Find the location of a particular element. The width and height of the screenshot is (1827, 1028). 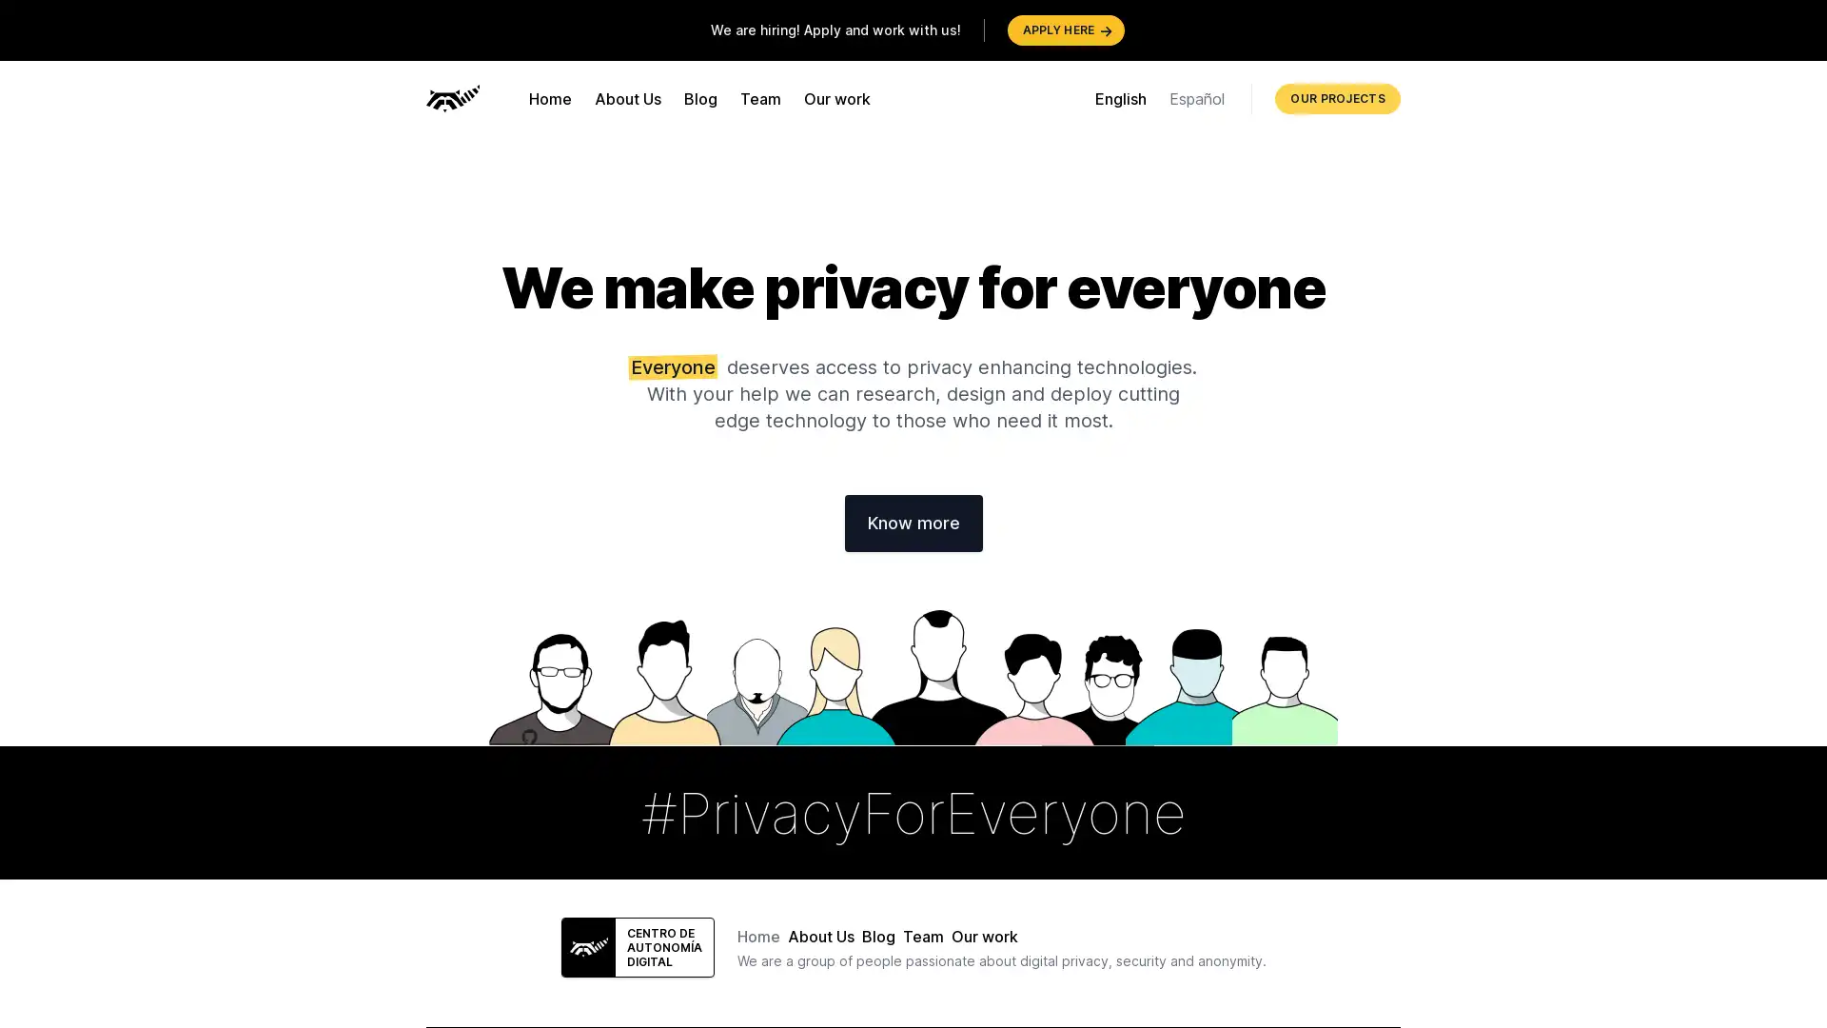

Know more is located at coordinates (912, 524).